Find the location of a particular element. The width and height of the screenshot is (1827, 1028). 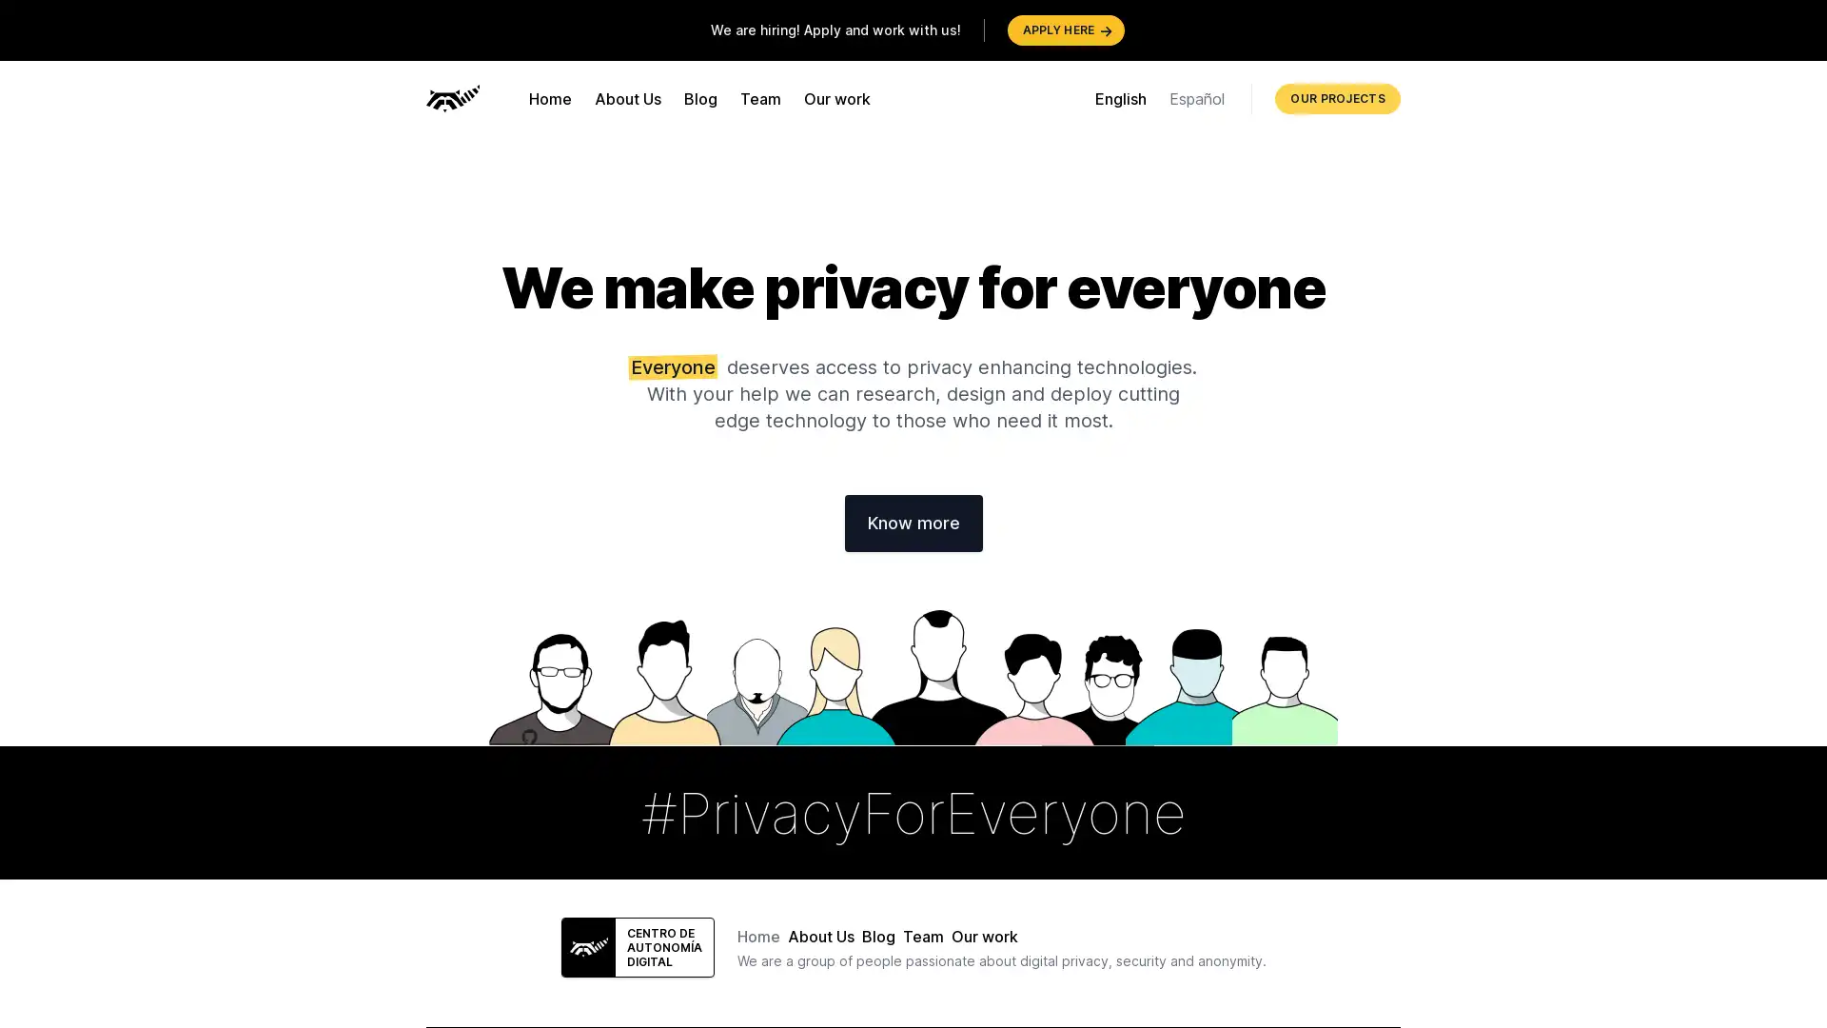

Know more is located at coordinates (912, 524).